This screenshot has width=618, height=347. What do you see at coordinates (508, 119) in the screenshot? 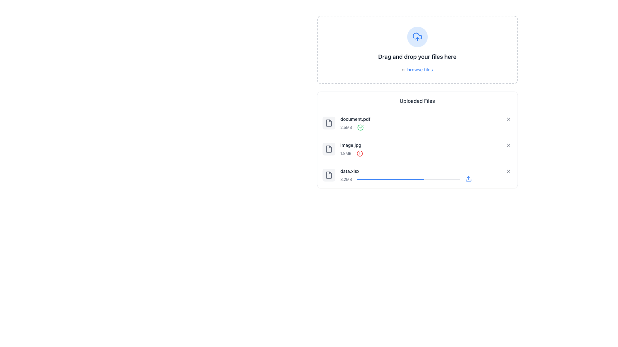
I see `the delete button located to the right of 'document.pdf'` at bounding box center [508, 119].